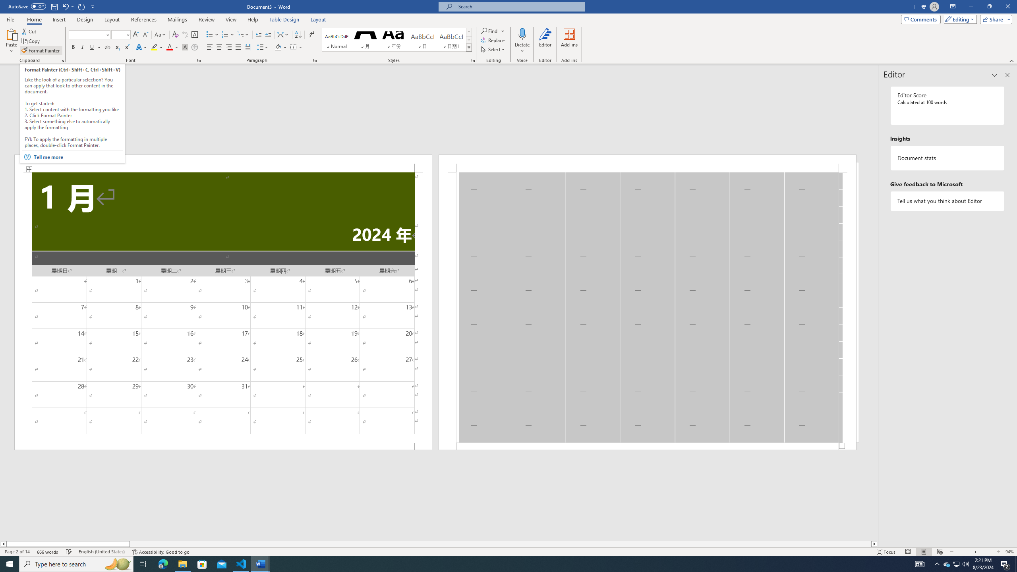 This screenshot has height=572, width=1017. What do you see at coordinates (160, 35) in the screenshot?
I see `'Change Case'` at bounding box center [160, 35].